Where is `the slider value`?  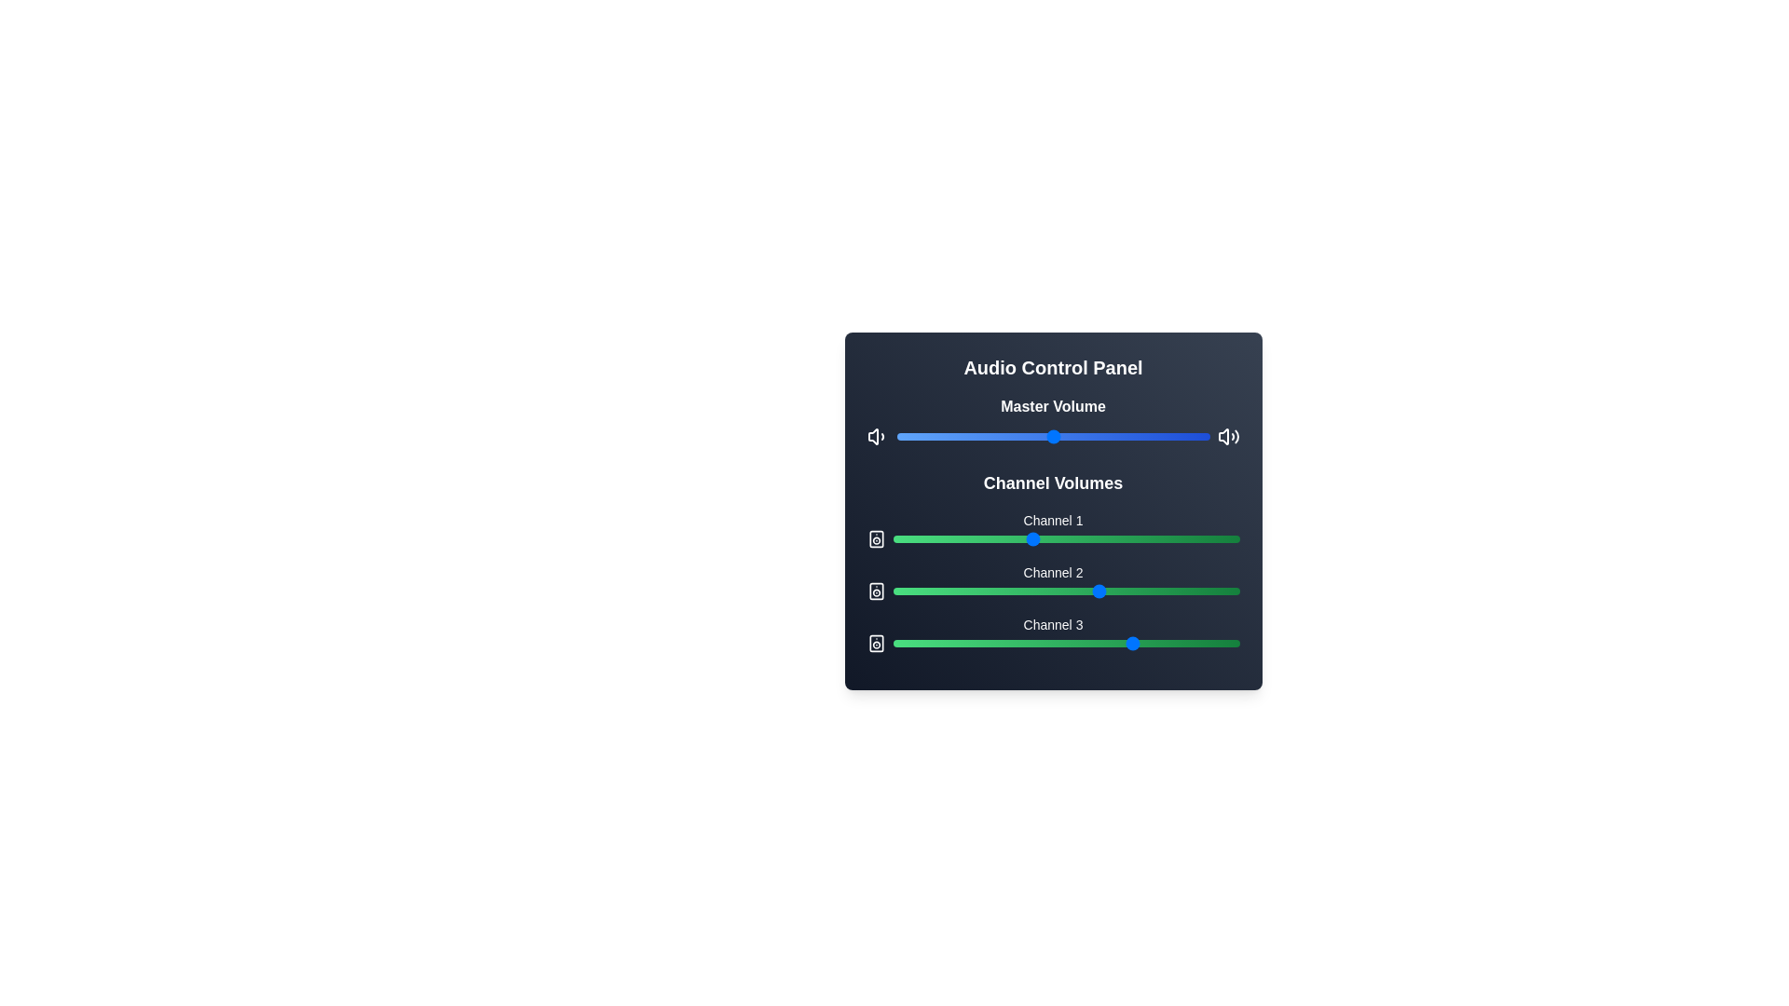
the slider value is located at coordinates (1169, 642).